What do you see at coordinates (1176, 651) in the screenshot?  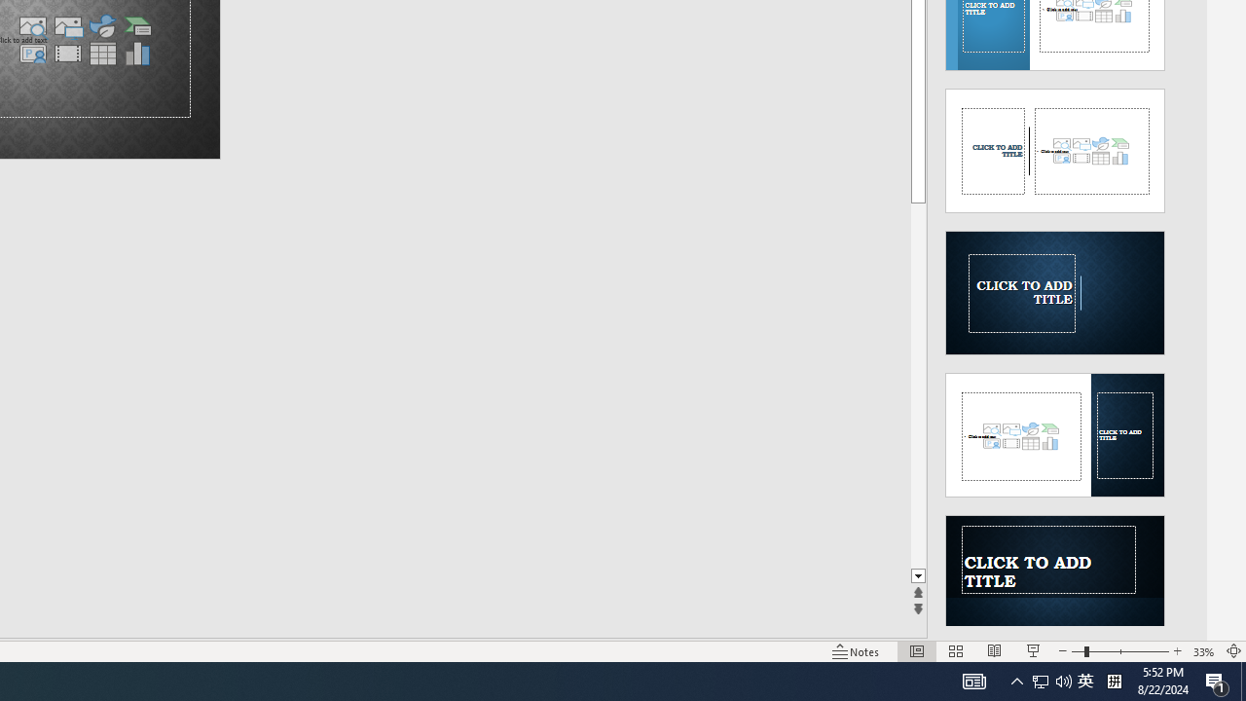 I see `'Zoom In'` at bounding box center [1176, 651].